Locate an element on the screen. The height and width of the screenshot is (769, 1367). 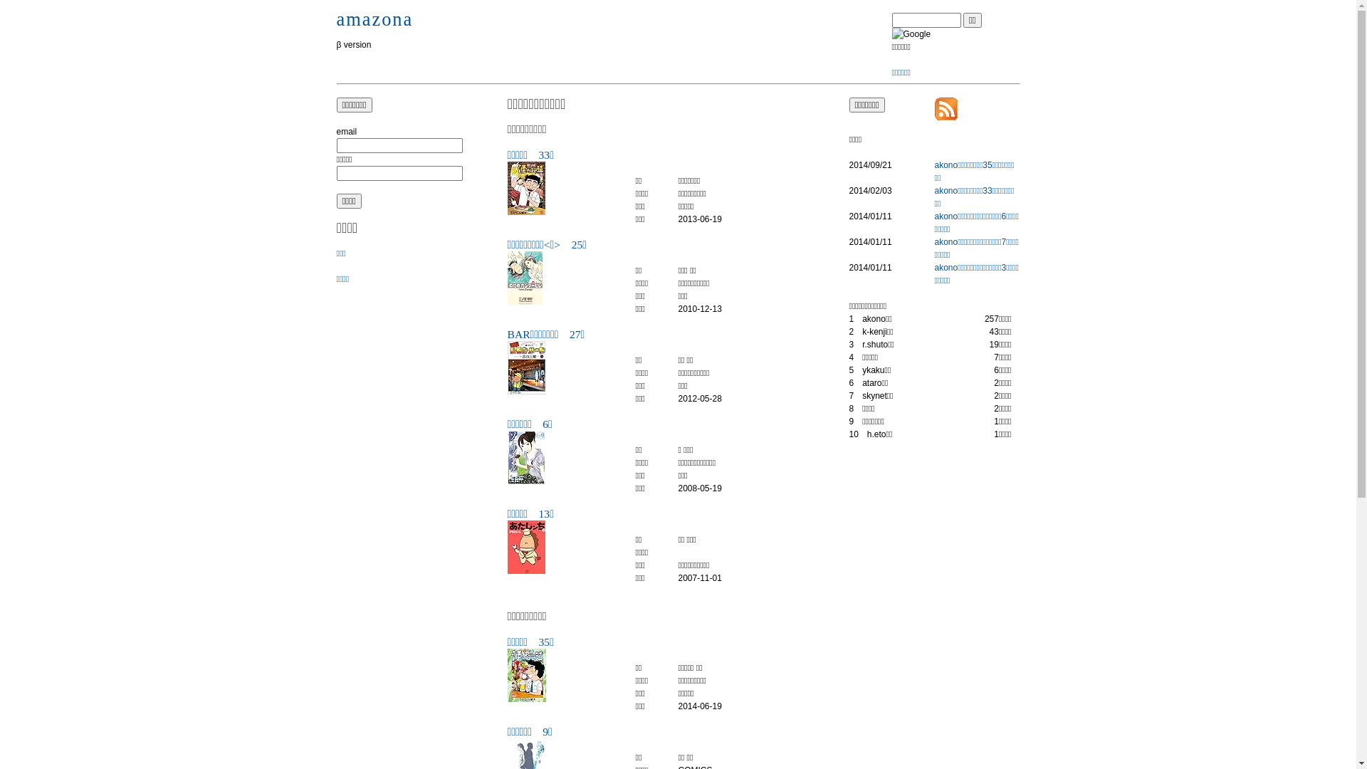
'amazona' is located at coordinates (375, 19).